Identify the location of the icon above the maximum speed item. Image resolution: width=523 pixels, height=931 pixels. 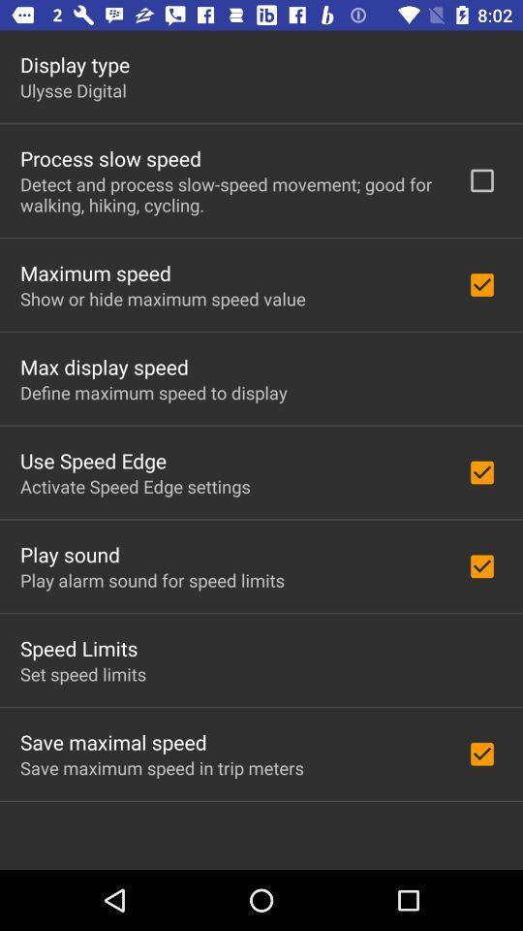
(231, 194).